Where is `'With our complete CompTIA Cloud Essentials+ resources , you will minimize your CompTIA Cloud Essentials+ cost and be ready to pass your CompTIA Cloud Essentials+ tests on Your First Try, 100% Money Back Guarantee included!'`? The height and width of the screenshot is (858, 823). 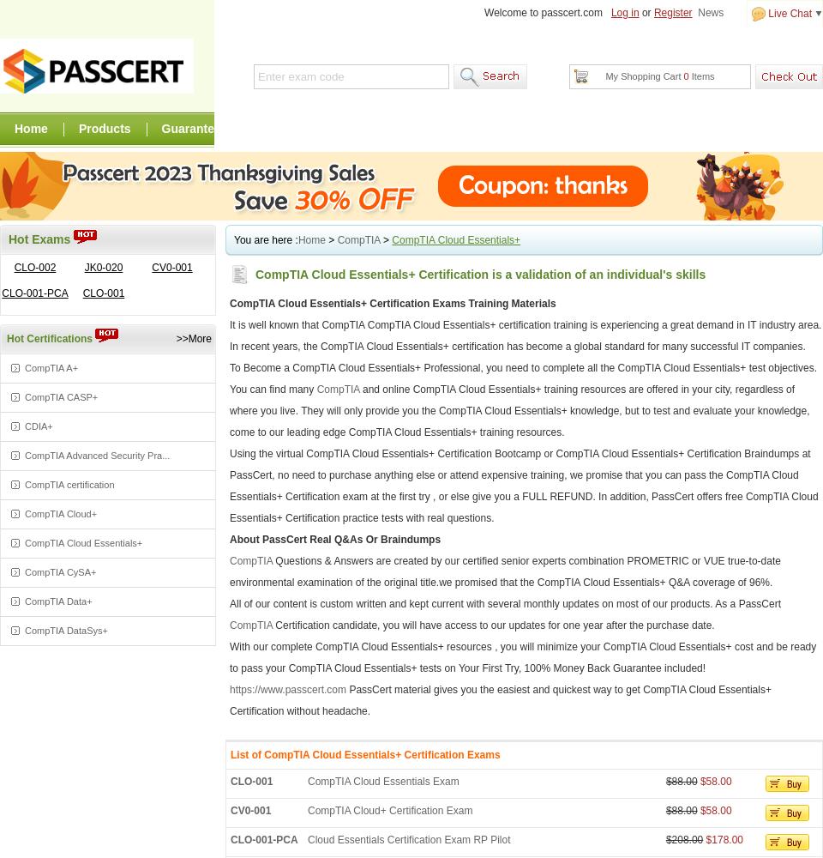
'With our complete CompTIA Cloud Essentials+ resources , you will minimize your CompTIA Cloud Essentials+ cost and be ready to pass your CompTIA Cloud Essentials+ tests on Your First Try, 100% Money Back Guarantee included!' is located at coordinates (521, 657).